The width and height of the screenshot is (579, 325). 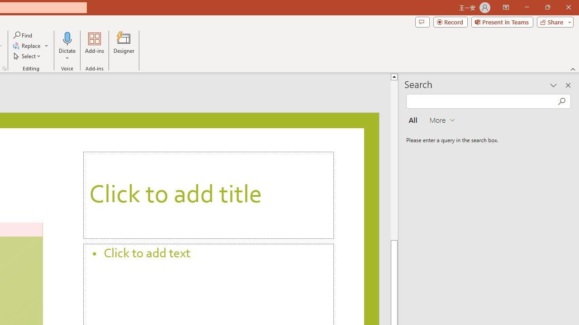 What do you see at coordinates (547, 7) in the screenshot?
I see `'Restore Down'` at bounding box center [547, 7].